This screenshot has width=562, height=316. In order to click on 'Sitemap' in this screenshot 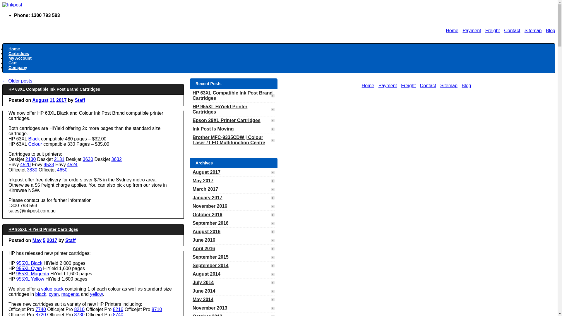, I will do `click(533, 30)`.